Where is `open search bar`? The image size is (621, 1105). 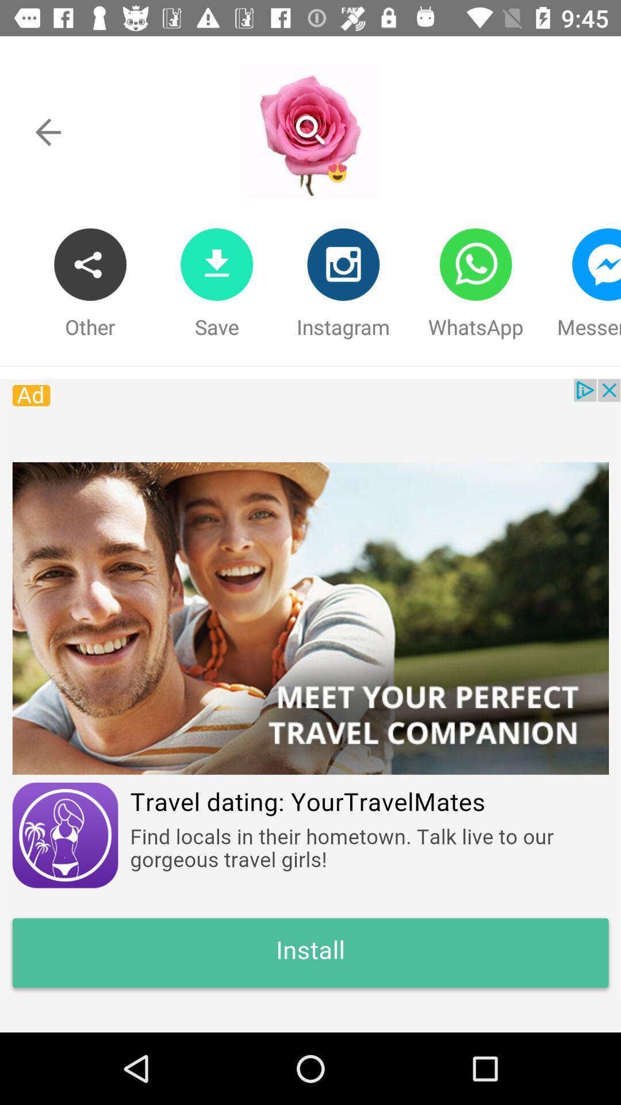 open search bar is located at coordinates (309, 130).